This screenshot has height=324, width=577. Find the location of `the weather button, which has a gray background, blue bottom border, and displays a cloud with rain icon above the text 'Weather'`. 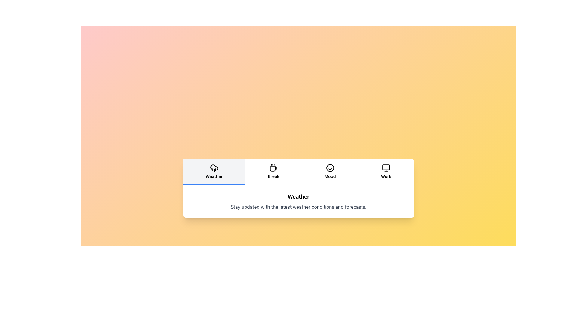

the weather button, which has a gray background, blue bottom border, and displays a cloud with rain icon above the text 'Weather' is located at coordinates (214, 172).